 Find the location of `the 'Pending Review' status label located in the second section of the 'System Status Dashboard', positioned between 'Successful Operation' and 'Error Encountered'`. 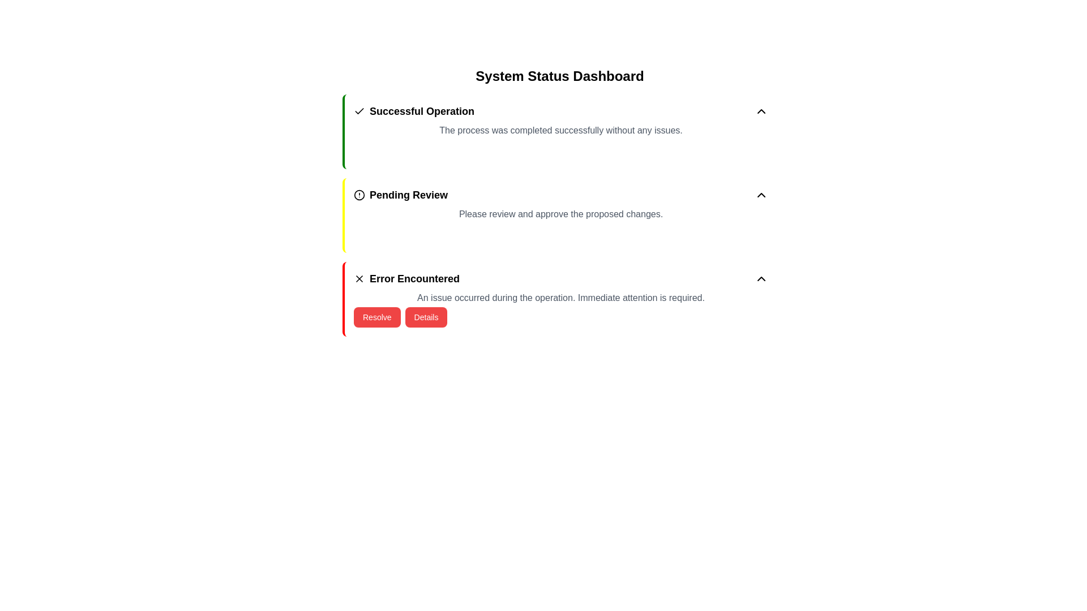

the 'Pending Review' status label located in the second section of the 'System Status Dashboard', positioned between 'Successful Operation' and 'Error Encountered' is located at coordinates (401, 194).